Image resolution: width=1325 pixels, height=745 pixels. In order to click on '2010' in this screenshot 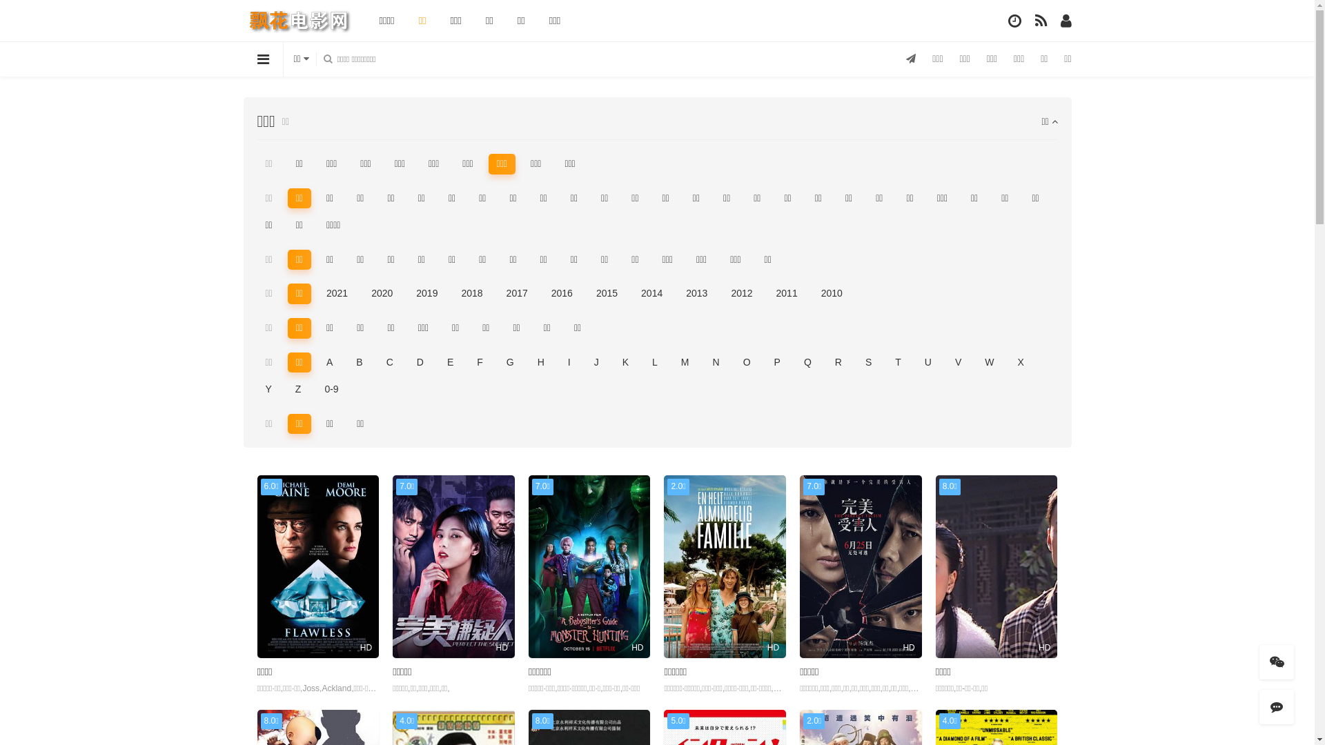, I will do `click(831, 292)`.